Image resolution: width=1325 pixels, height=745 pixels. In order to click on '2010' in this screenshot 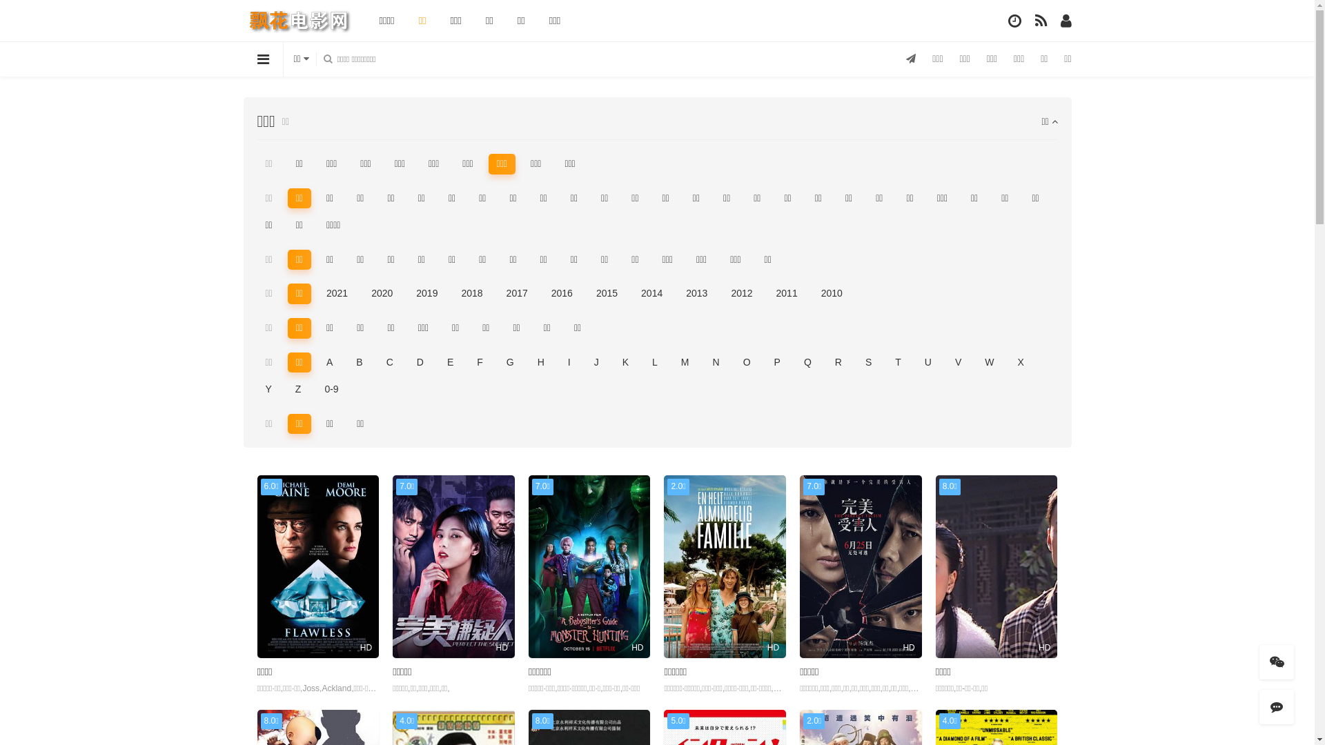, I will do `click(831, 292)`.